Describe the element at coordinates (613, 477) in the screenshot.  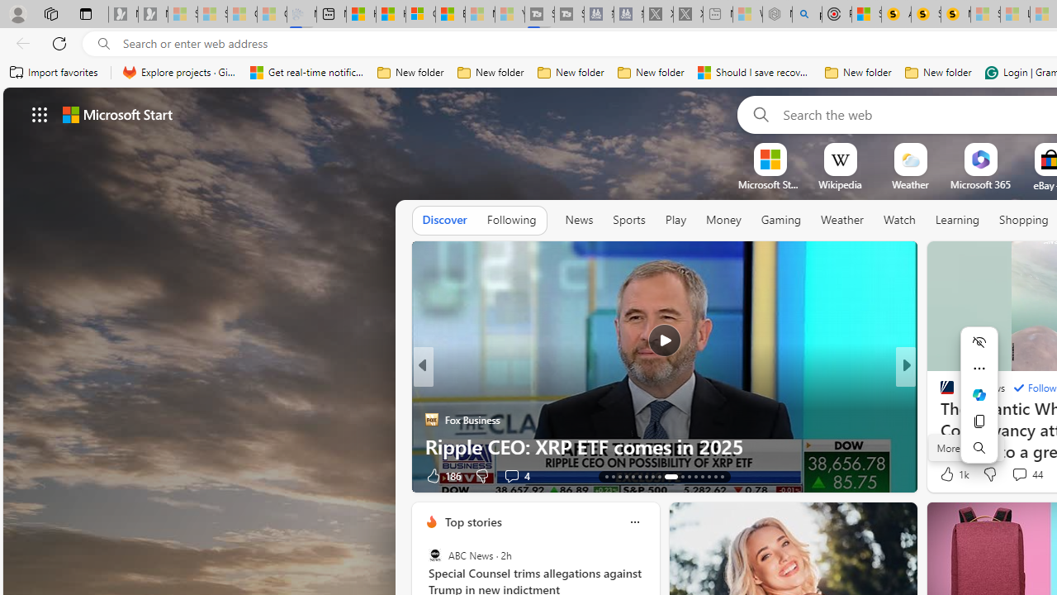
I see `'AutomationID: tab-14'` at that location.